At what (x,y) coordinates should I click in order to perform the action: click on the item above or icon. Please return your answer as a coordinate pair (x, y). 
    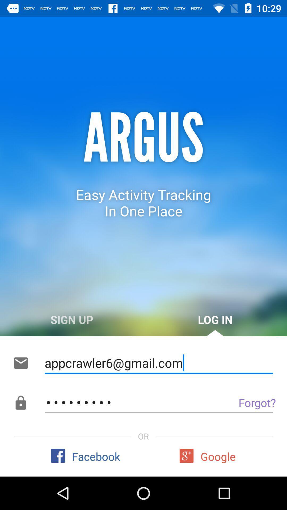
    Looking at the image, I should click on (158, 402).